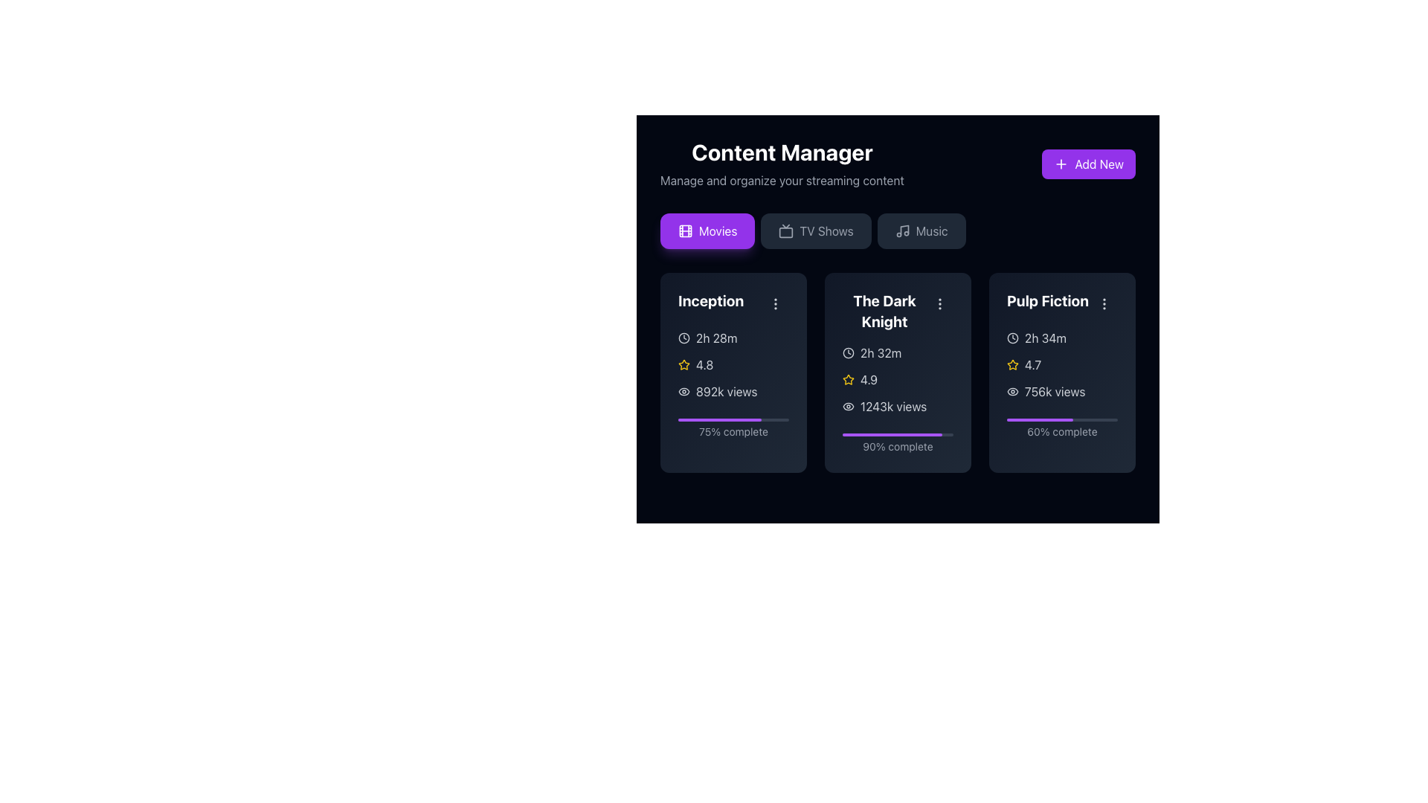  I want to click on the 'Music' button, which is the third button in a row below the title 'Content Manager', so click(901, 231).